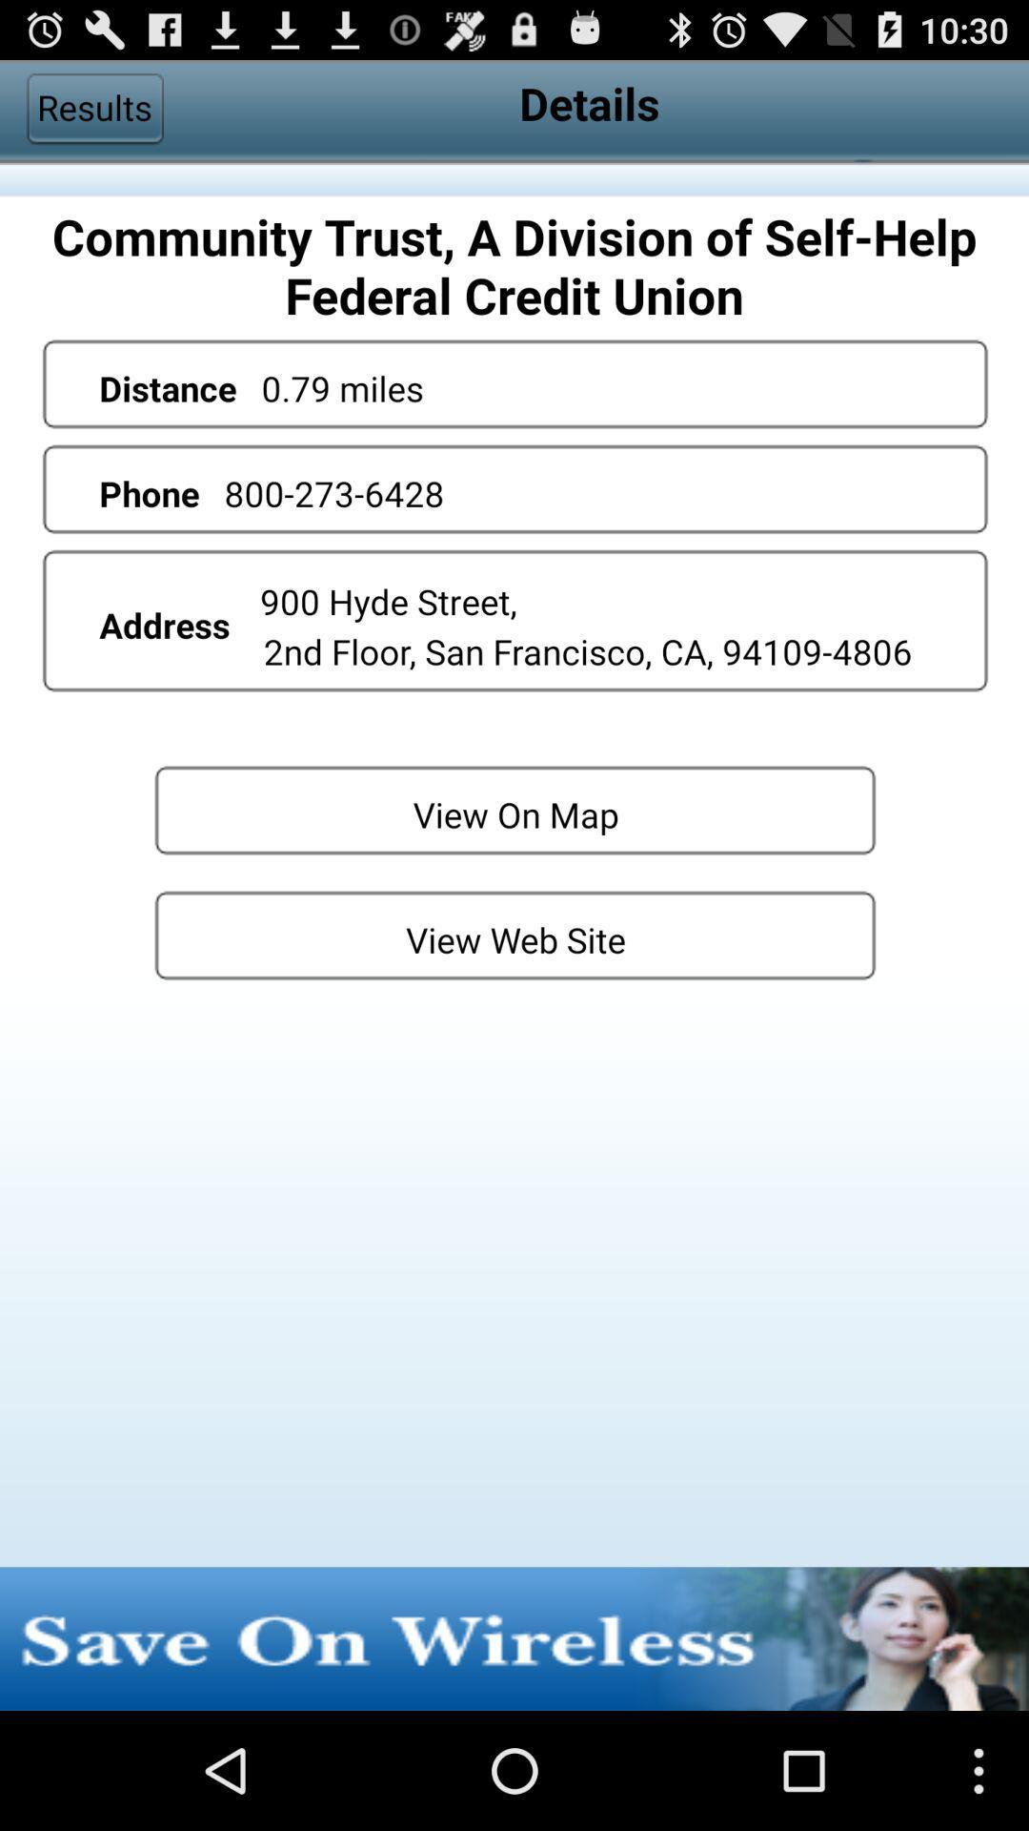 This screenshot has width=1029, height=1831. I want to click on icon below the 2nd floor san item, so click(514, 810).